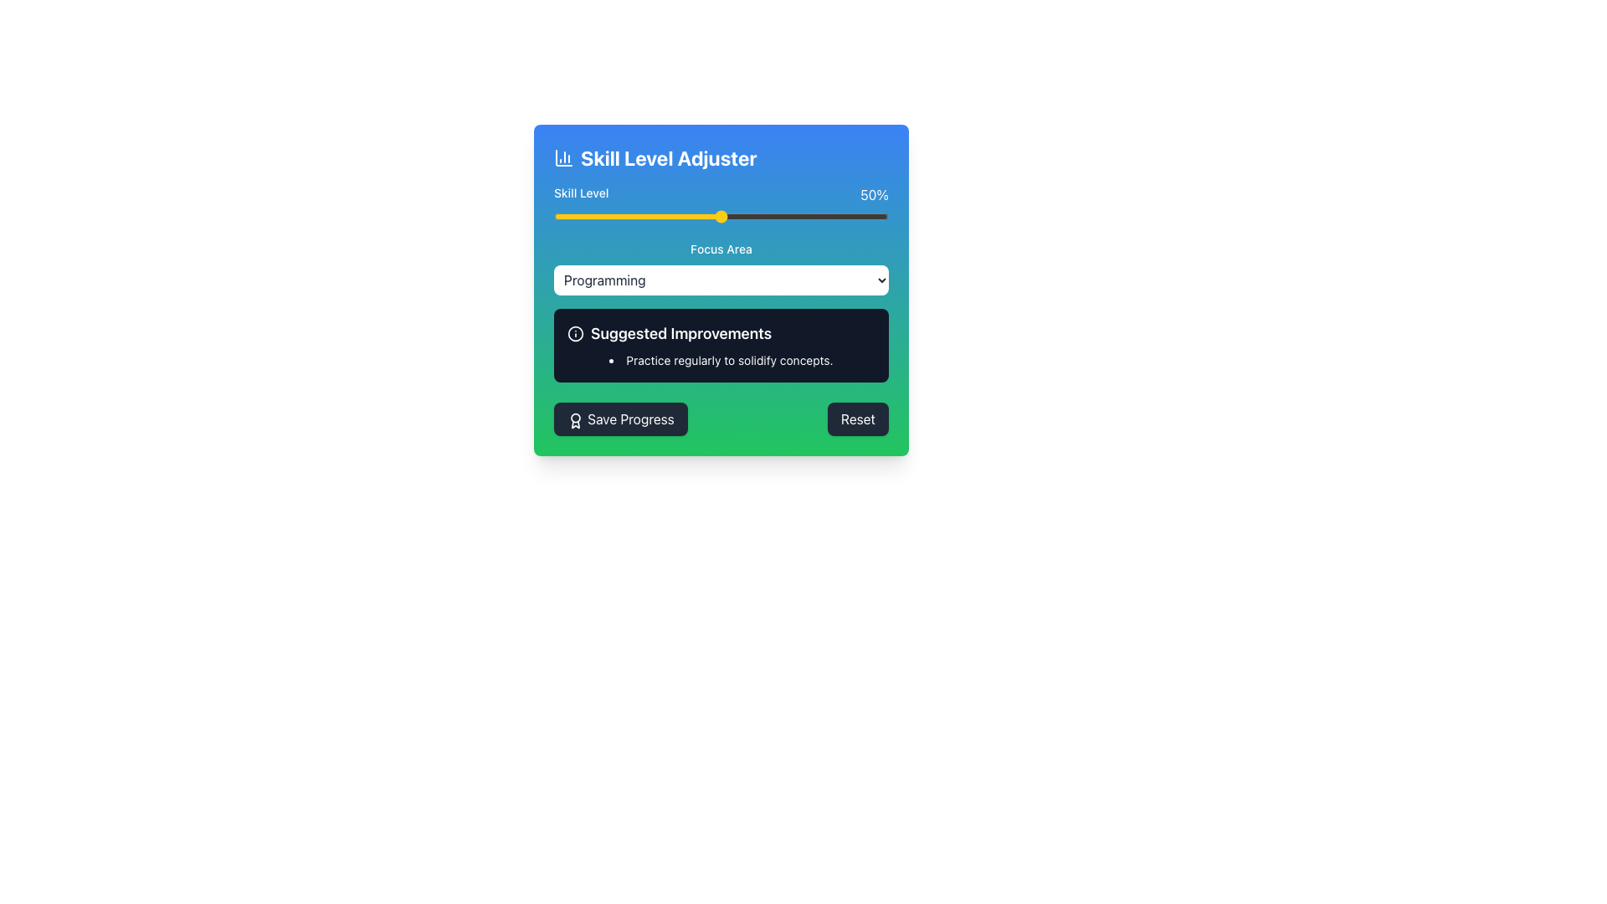  I want to click on the skill level, so click(557, 215).